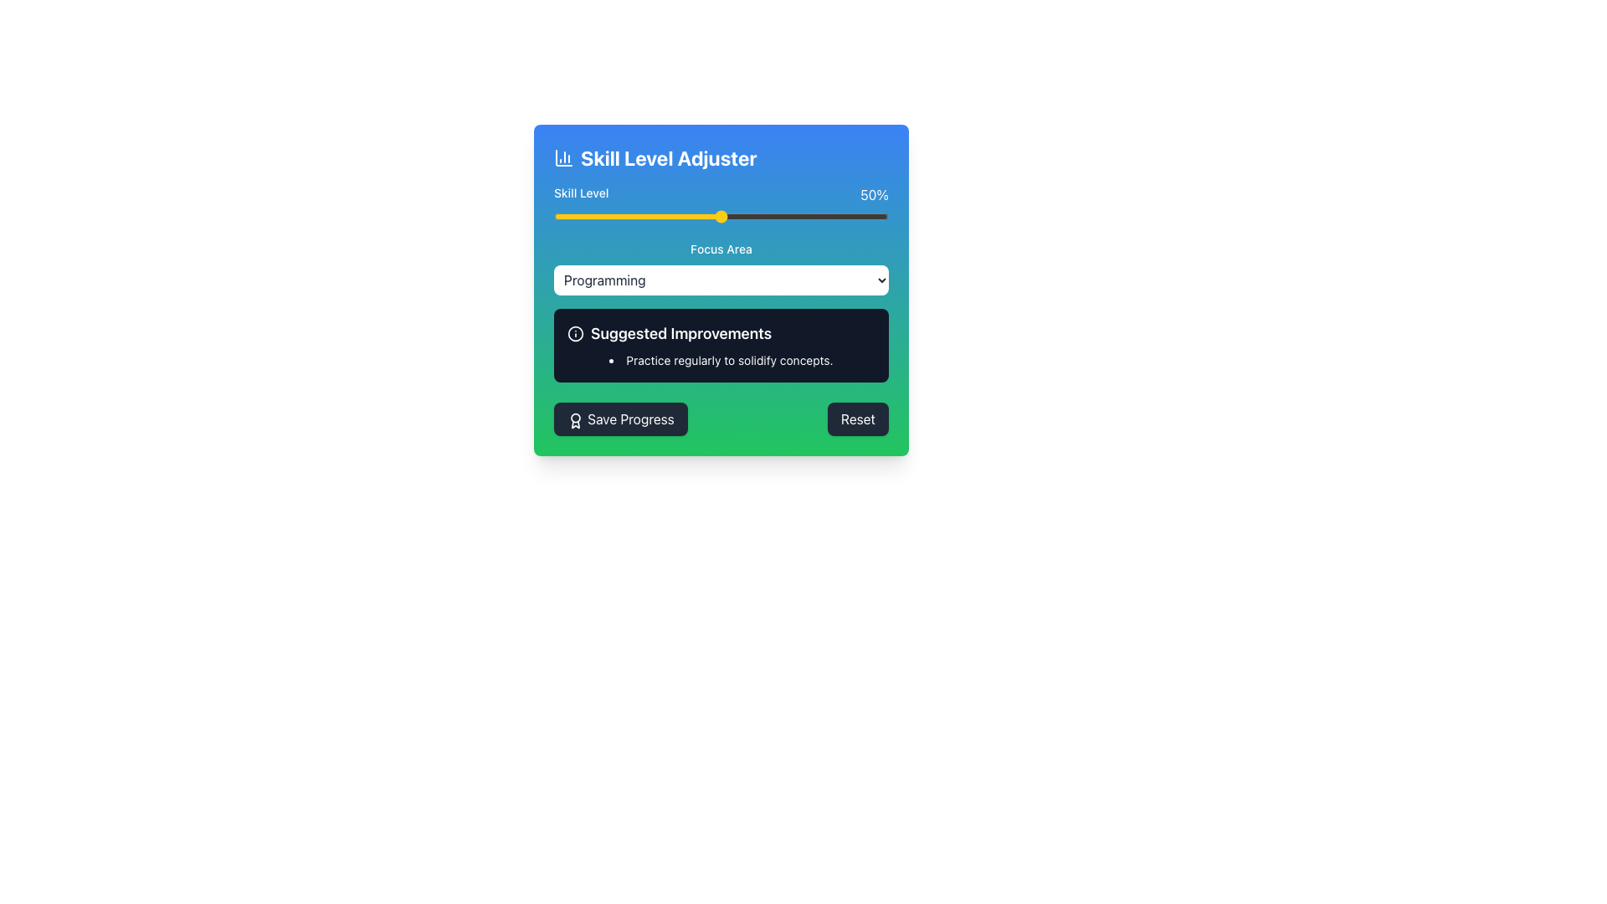  I want to click on the skill level, so click(557, 215).